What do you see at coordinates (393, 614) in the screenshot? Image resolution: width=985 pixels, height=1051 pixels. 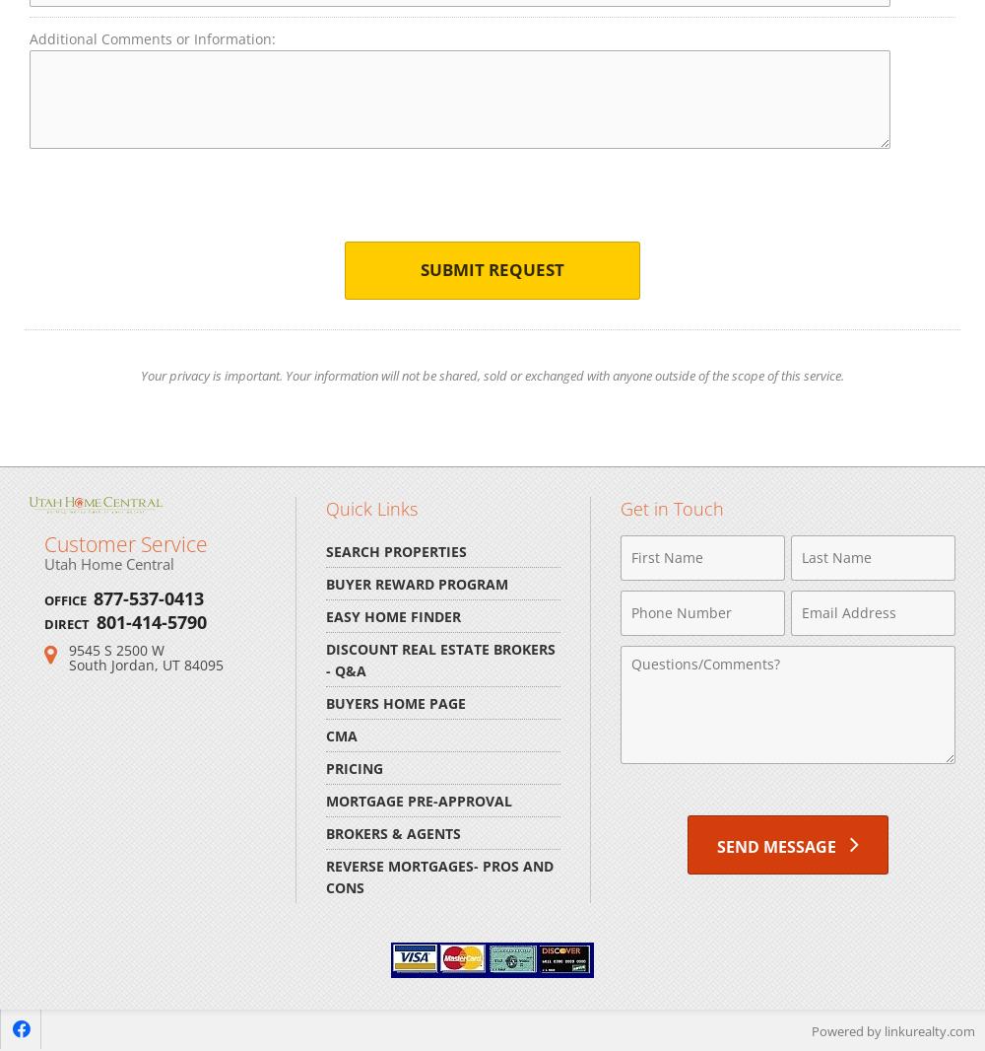 I see `'Easy Home Finder'` at bounding box center [393, 614].